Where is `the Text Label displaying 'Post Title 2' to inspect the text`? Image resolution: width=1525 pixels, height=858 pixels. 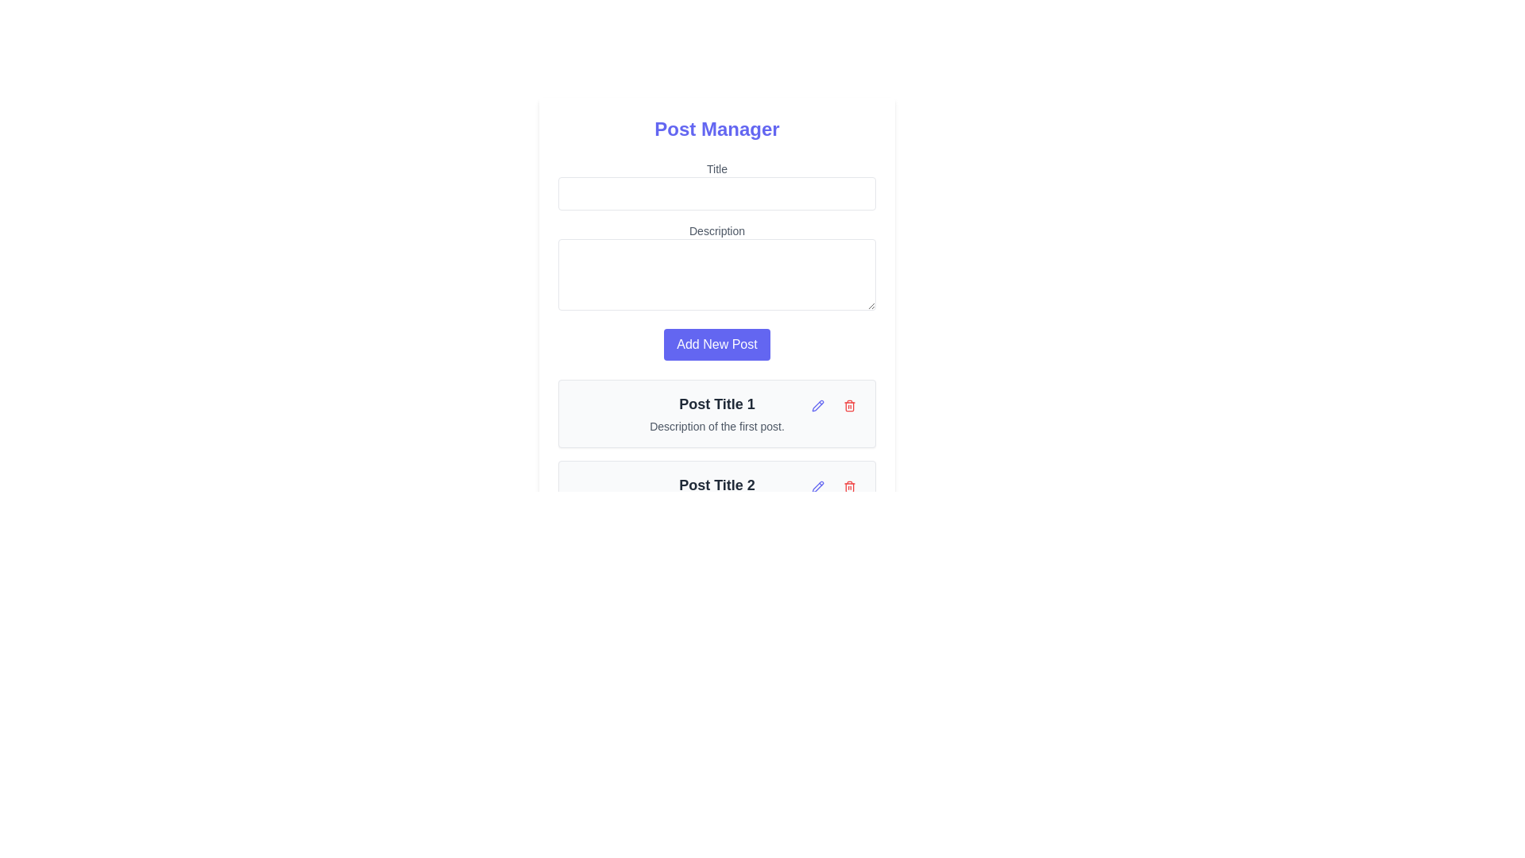
the Text Label displaying 'Post Title 2' to inspect the text is located at coordinates (716, 484).